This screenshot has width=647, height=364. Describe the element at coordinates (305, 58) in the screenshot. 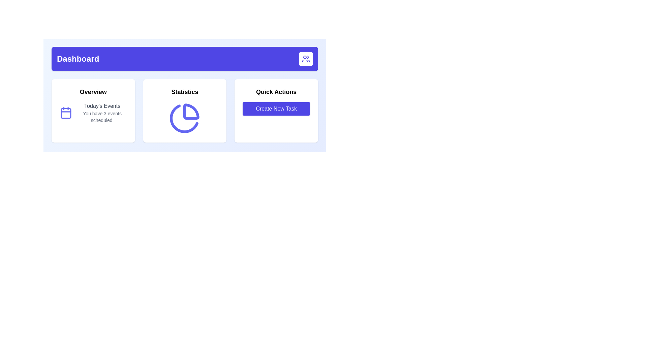

I see `the icon depicting two humanoid figures located in the top-right area of the purple header bar titled 'Dashboard'` at that location.